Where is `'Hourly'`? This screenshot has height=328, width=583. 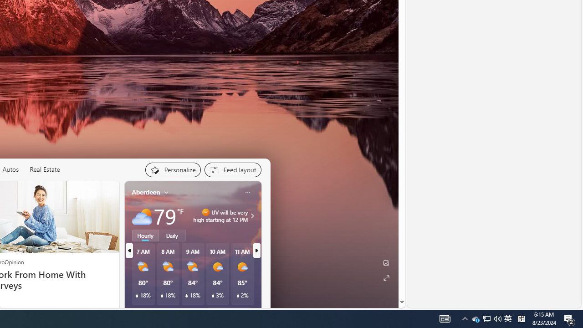
'Hourly' is located at coordinates (145, 235).